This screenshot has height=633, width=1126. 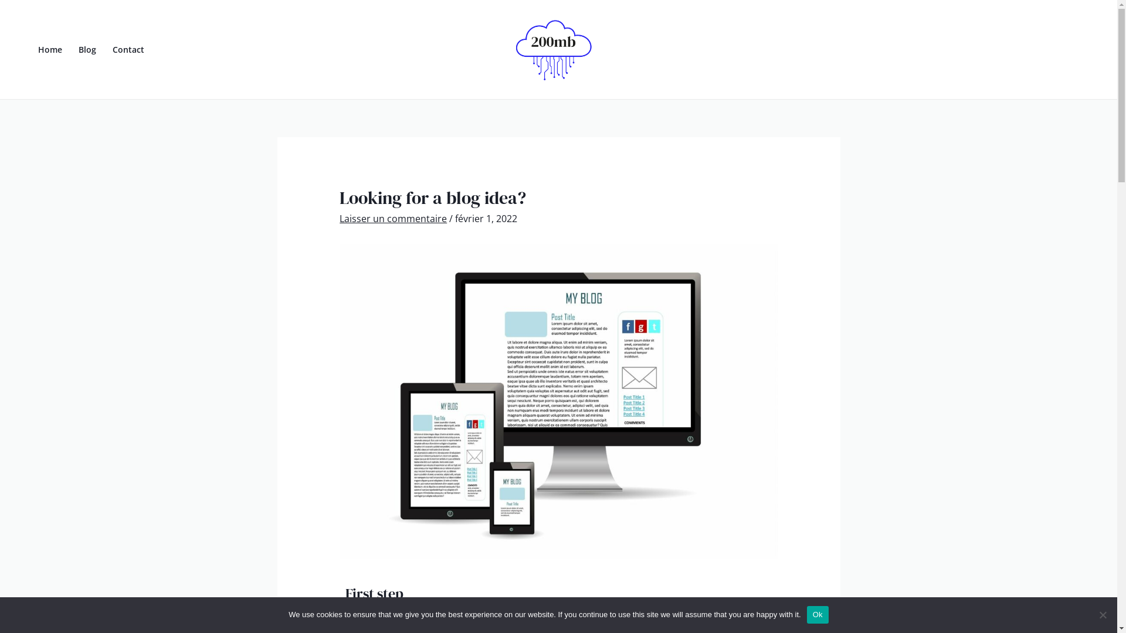 I want to click on 'Home', so click(x=49, y=49).